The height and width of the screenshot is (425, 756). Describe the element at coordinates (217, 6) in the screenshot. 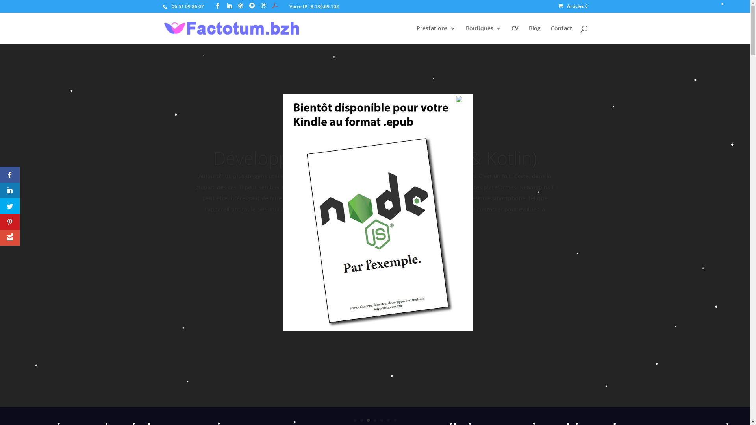

I see `'Page Facebook'` at that location.